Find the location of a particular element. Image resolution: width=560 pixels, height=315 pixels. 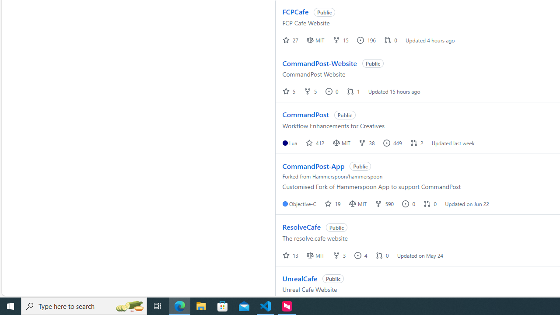

'FCPCafe' is located at coordinates (295, 12).